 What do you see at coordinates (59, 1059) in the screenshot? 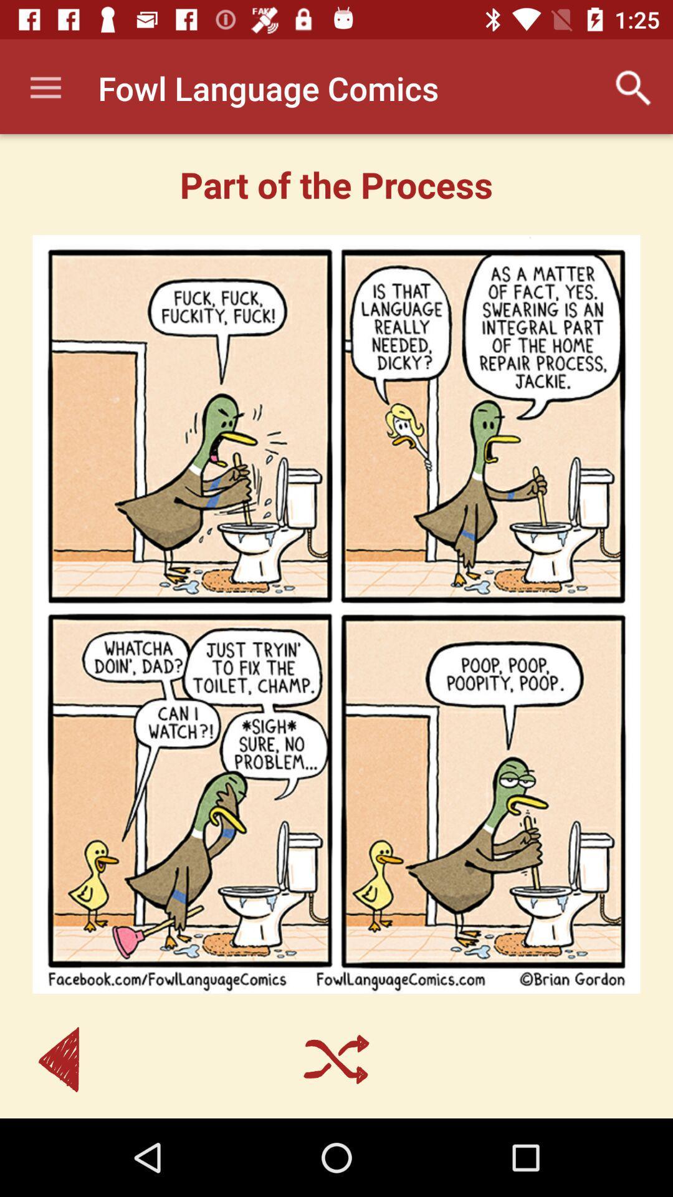
I see `item at the bottom left corner` at bounding box center [59, 1059].